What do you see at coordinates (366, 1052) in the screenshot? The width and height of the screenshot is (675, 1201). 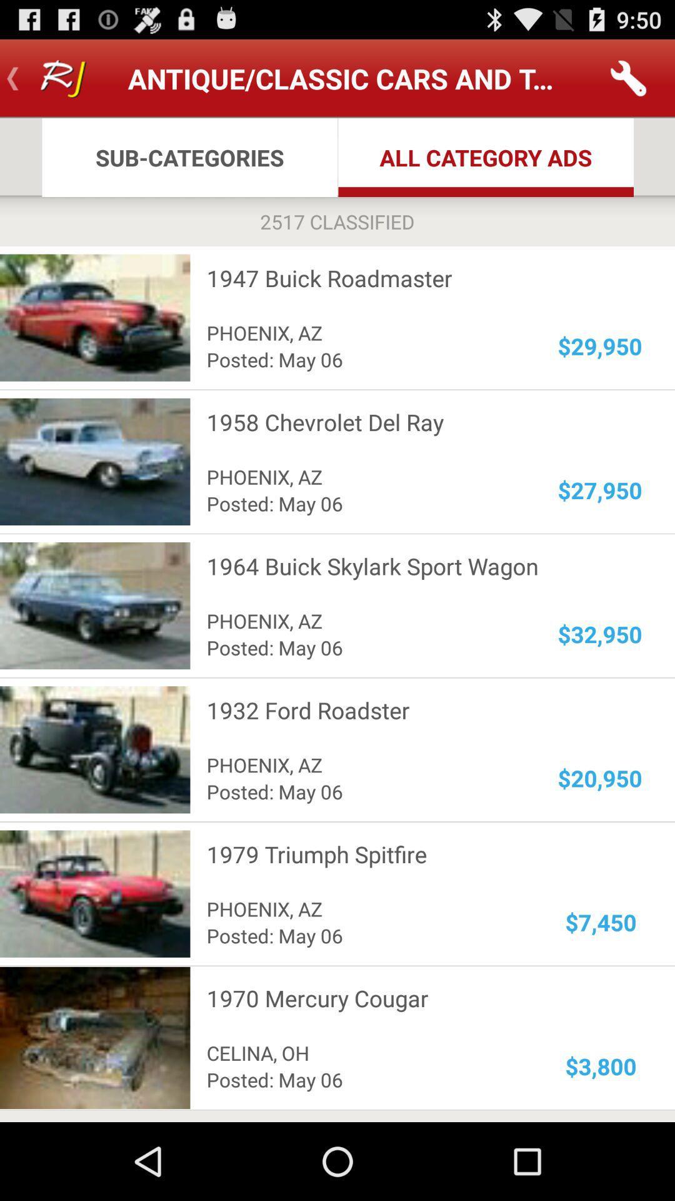 I see `app above posted: may 06 app` at bounding box center [366, 1052].